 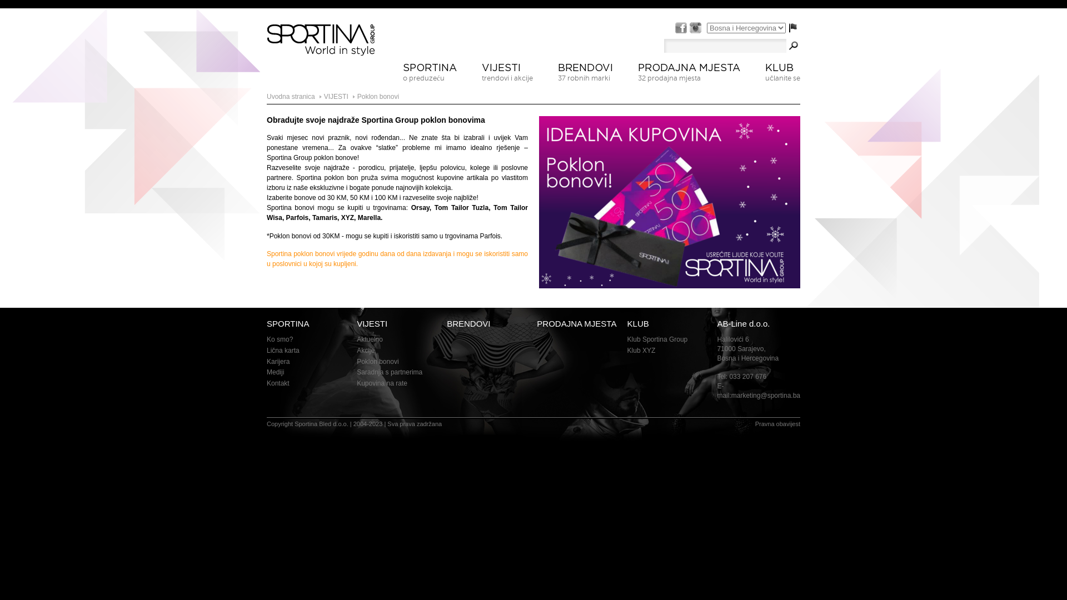 I want to click on 'Klub XYZ', so click(x=641, y=351).